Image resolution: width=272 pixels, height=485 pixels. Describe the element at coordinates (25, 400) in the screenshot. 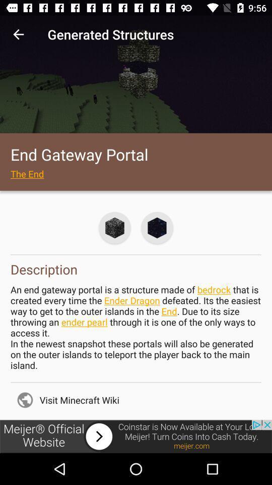

I see `globe icon which is on the left side of visit minecraft wiki` at that location.